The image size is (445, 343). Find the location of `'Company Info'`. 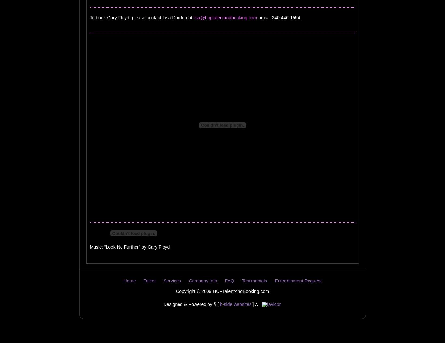

'Company Info' is located at coordinates (188, 281).